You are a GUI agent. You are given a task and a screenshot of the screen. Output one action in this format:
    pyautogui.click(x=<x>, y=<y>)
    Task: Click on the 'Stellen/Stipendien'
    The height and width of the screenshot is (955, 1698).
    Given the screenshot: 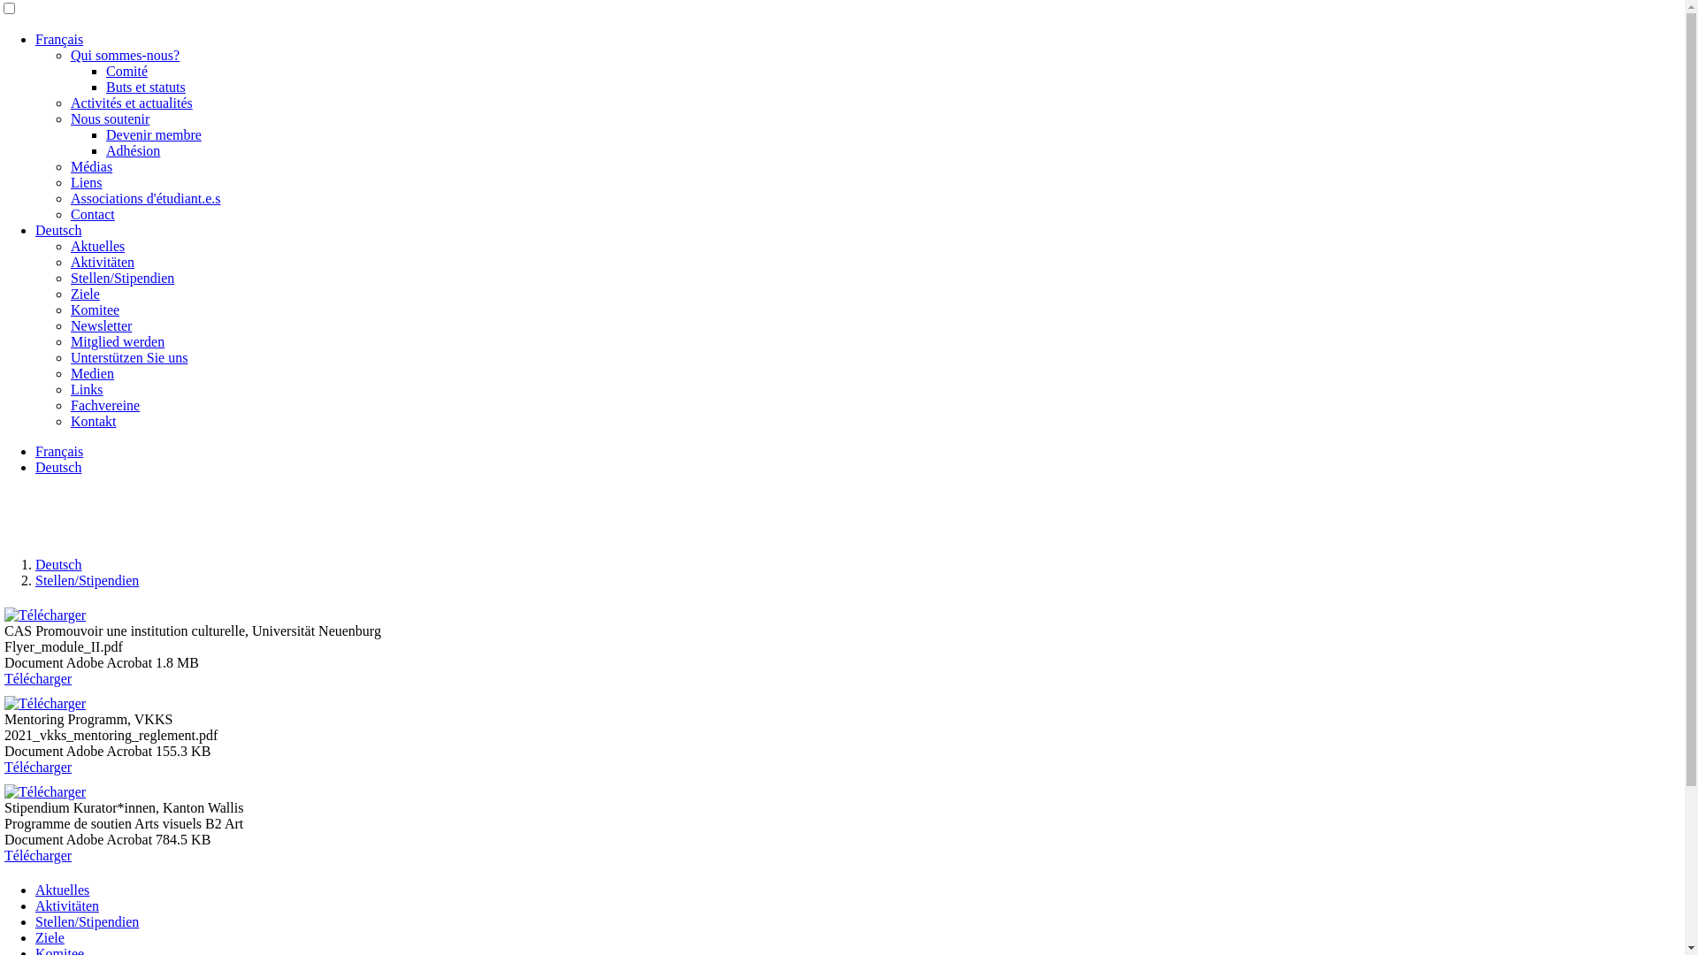 What is the action you would take?
    pyautogui.click(x=121, y=278)
    